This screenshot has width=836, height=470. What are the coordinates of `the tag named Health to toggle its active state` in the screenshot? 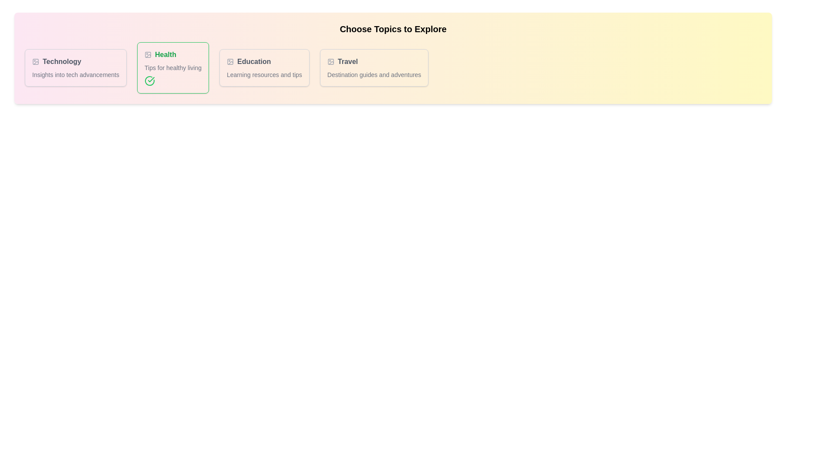 It's located at (173, 67).